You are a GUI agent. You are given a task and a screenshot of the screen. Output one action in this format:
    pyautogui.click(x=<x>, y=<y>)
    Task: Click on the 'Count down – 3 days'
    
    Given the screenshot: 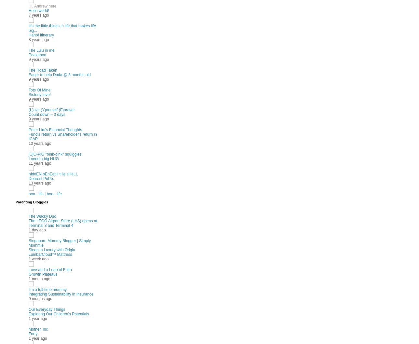 What is the action you would take?
    pyautogui.click(x=47, y=114)
    